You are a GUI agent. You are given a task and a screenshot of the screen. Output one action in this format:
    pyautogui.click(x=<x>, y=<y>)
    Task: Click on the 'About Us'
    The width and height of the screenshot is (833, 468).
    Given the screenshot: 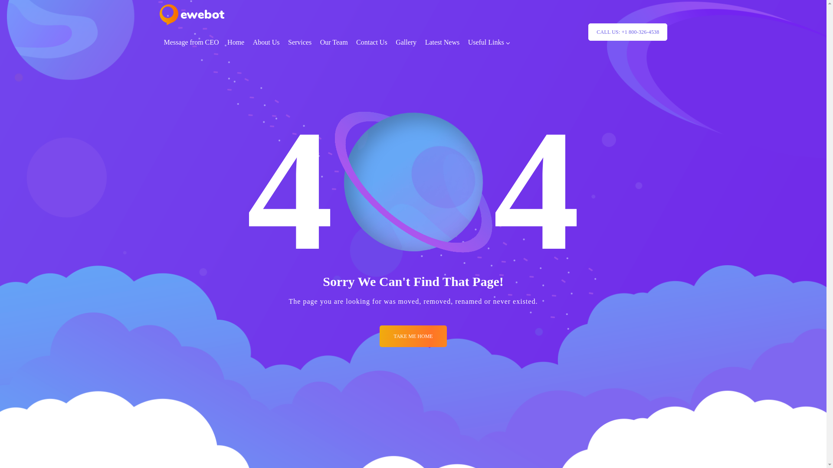 What is the action you would take?
    pyautogui.click(x=252, y=42)
    